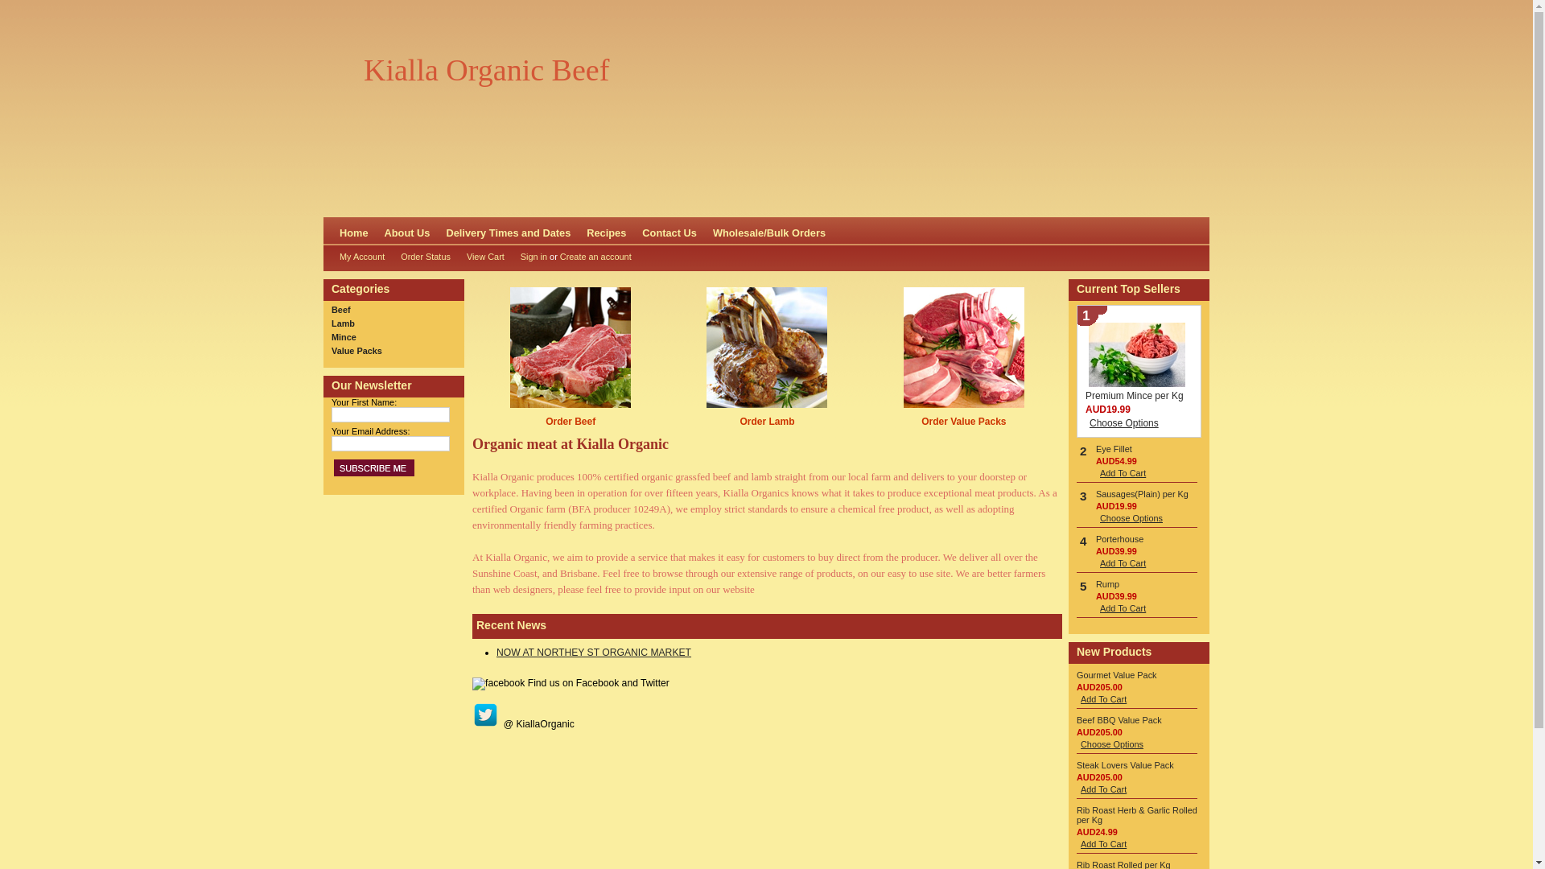 The height and width of the screenshot is (869, 1545). What do you see at coordinates (1122, 472) in the screenshot?
I see `'Add To Cart'` at bounding box center [1122, 472].